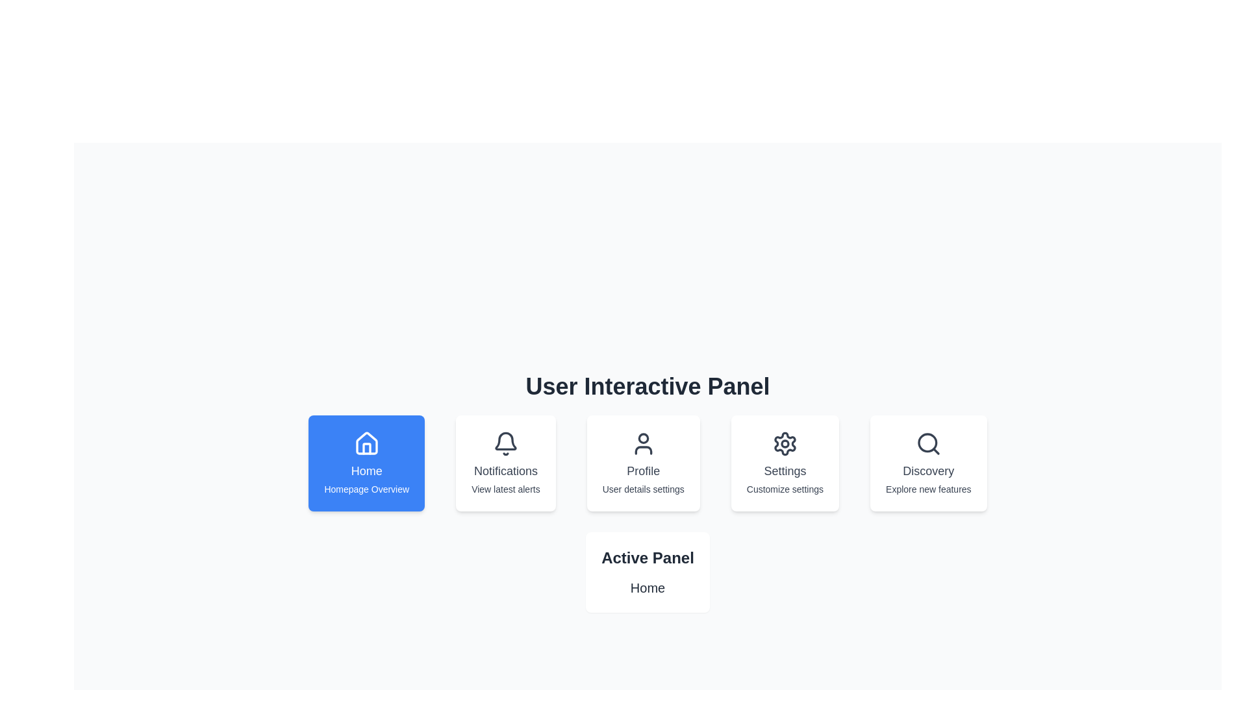 The width and height of the screenshot is (1247, 701). Describe the element at coordinates (784, 443) in the screenshot. I see `the gear-shaped settings icon located within the 'Settings' card` at that location.